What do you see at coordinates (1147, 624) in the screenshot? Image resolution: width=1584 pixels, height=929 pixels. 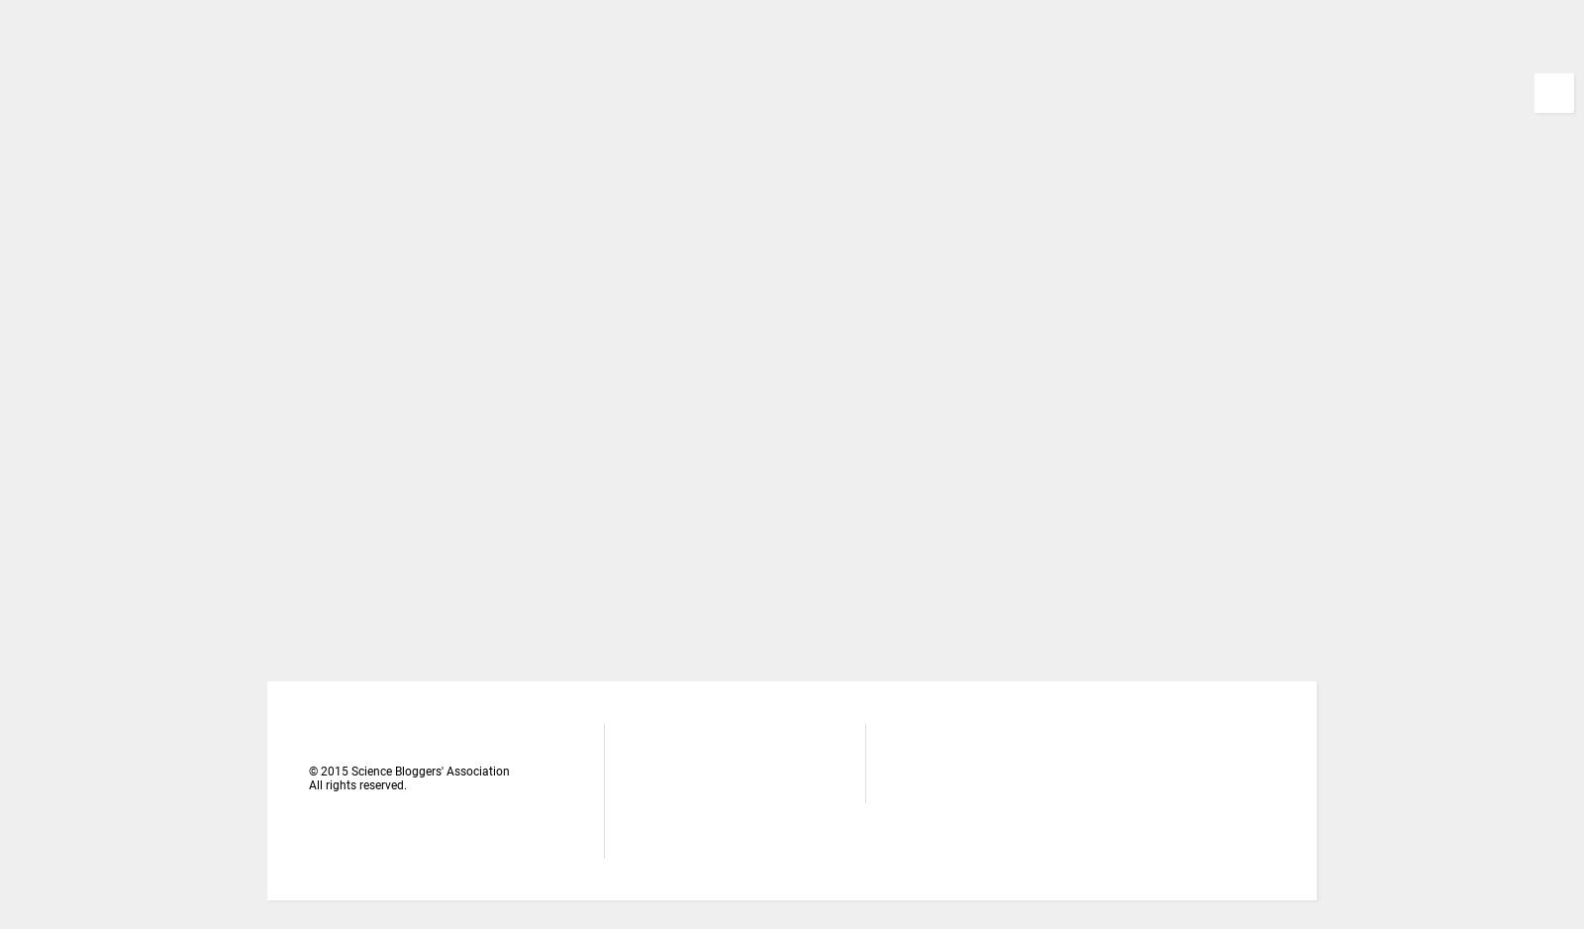 I see `'Dr. Zakir Ali Rajnish'` at bounding box center [1147, 624].